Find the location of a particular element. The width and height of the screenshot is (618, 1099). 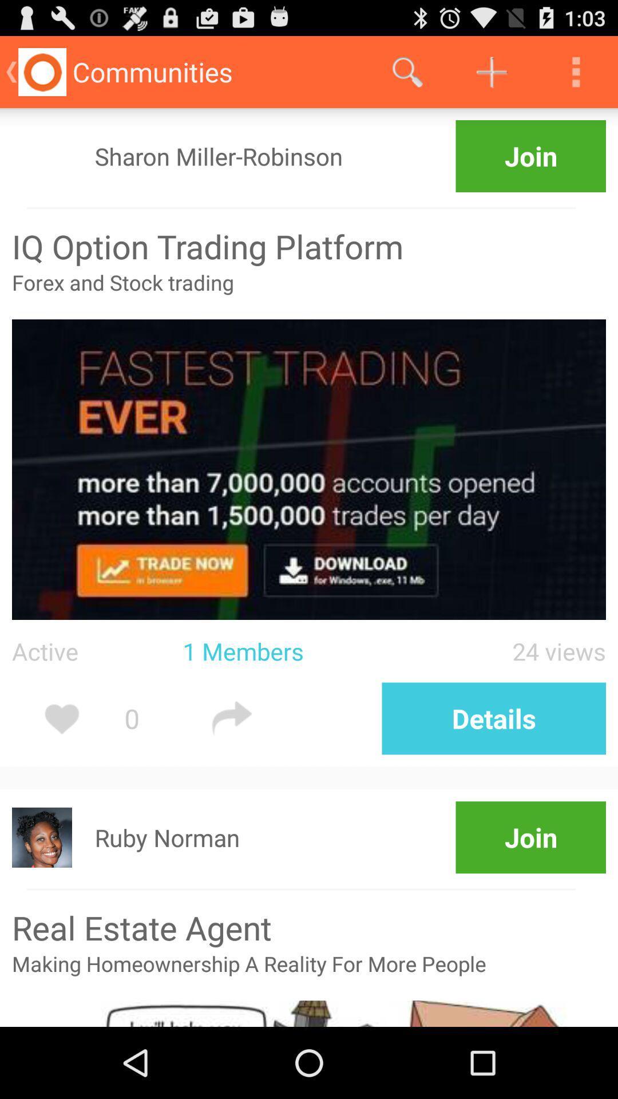

the details item is located at coordinates (493, 718).